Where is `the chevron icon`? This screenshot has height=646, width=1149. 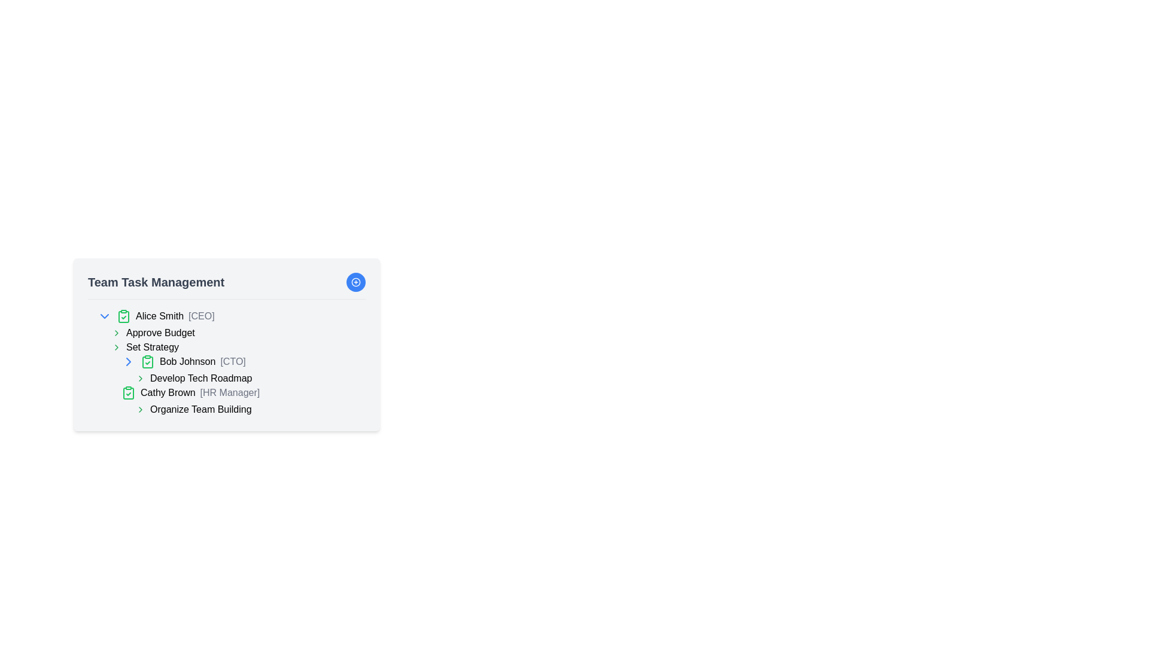
the chevron icon is located at coordinates (117, 333).